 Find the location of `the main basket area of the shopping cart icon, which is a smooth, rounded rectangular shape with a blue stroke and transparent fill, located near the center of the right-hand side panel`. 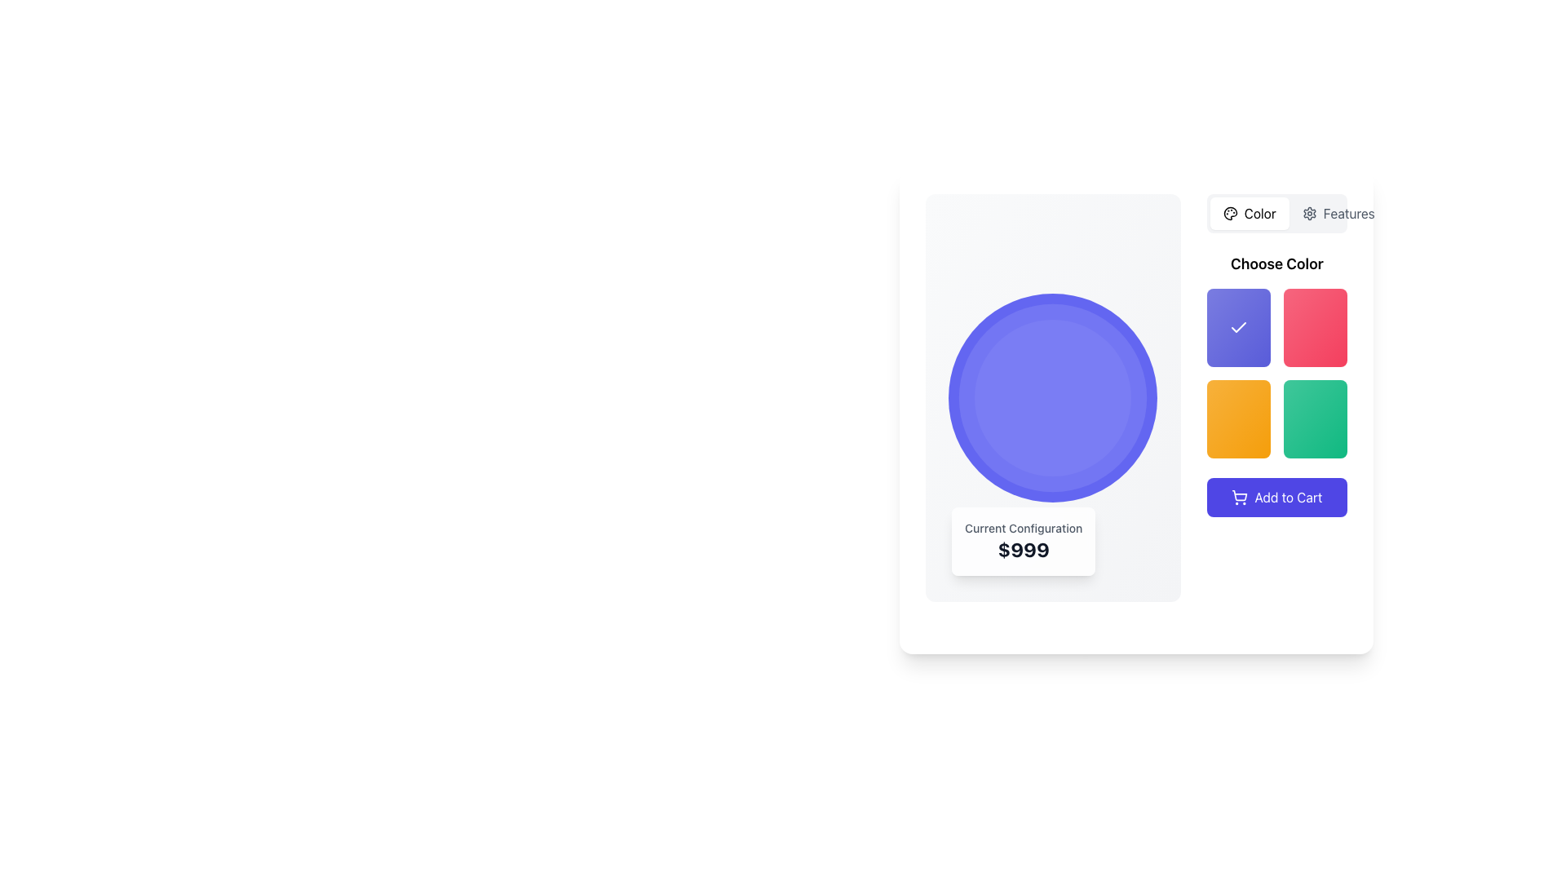

the main basket area of the shopping cart icon, which is a smooth, rounded rectangular shape with a blue stroke and transparent fill, located near the center of the right-hand side panel is located at coordinates (1240, 494).